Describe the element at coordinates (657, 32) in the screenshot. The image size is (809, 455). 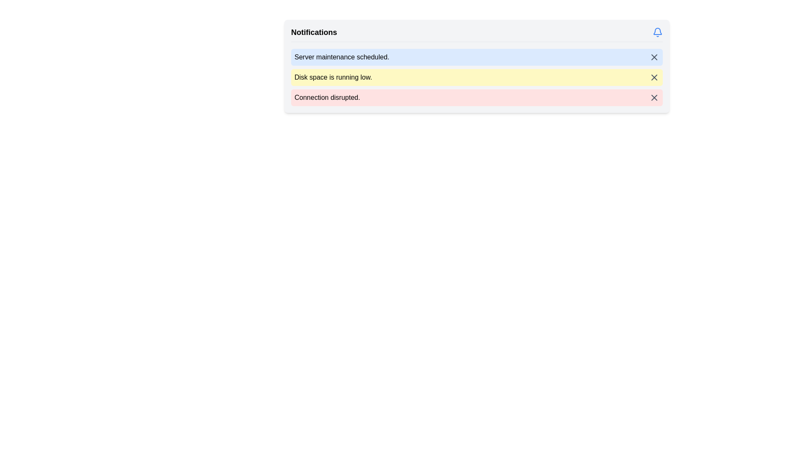
I see `the notification bell icon located in the top-right corner of the notification card header, adjacent to the title text 'Notifications.'` at that location.